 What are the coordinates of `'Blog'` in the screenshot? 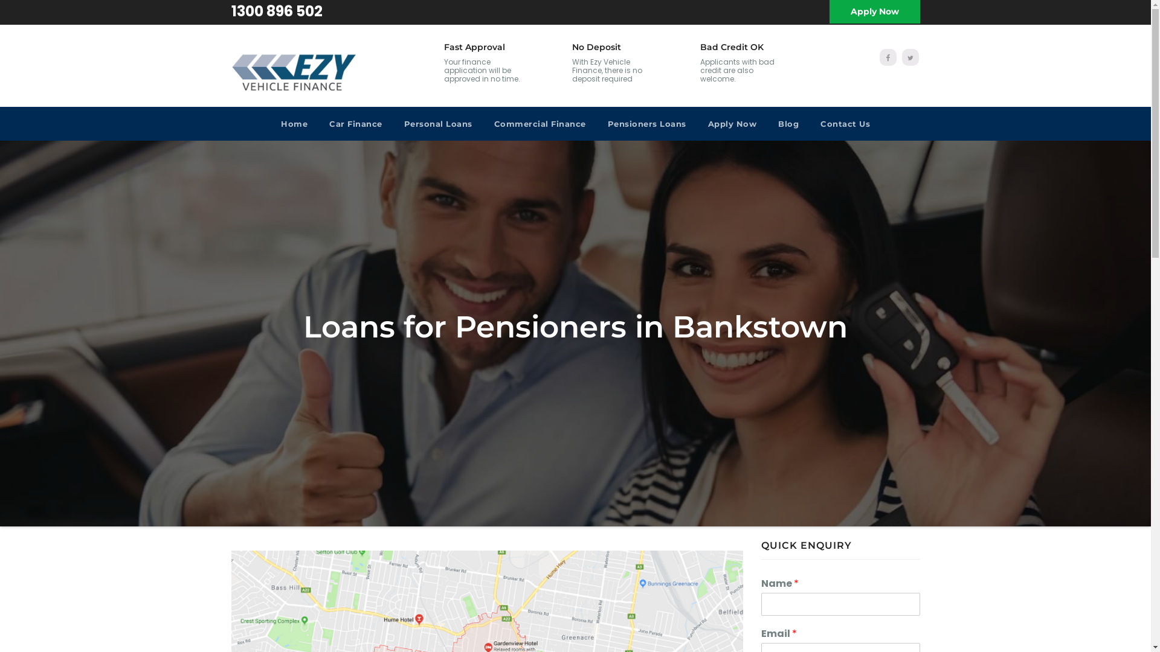 It's located at (768, 123).